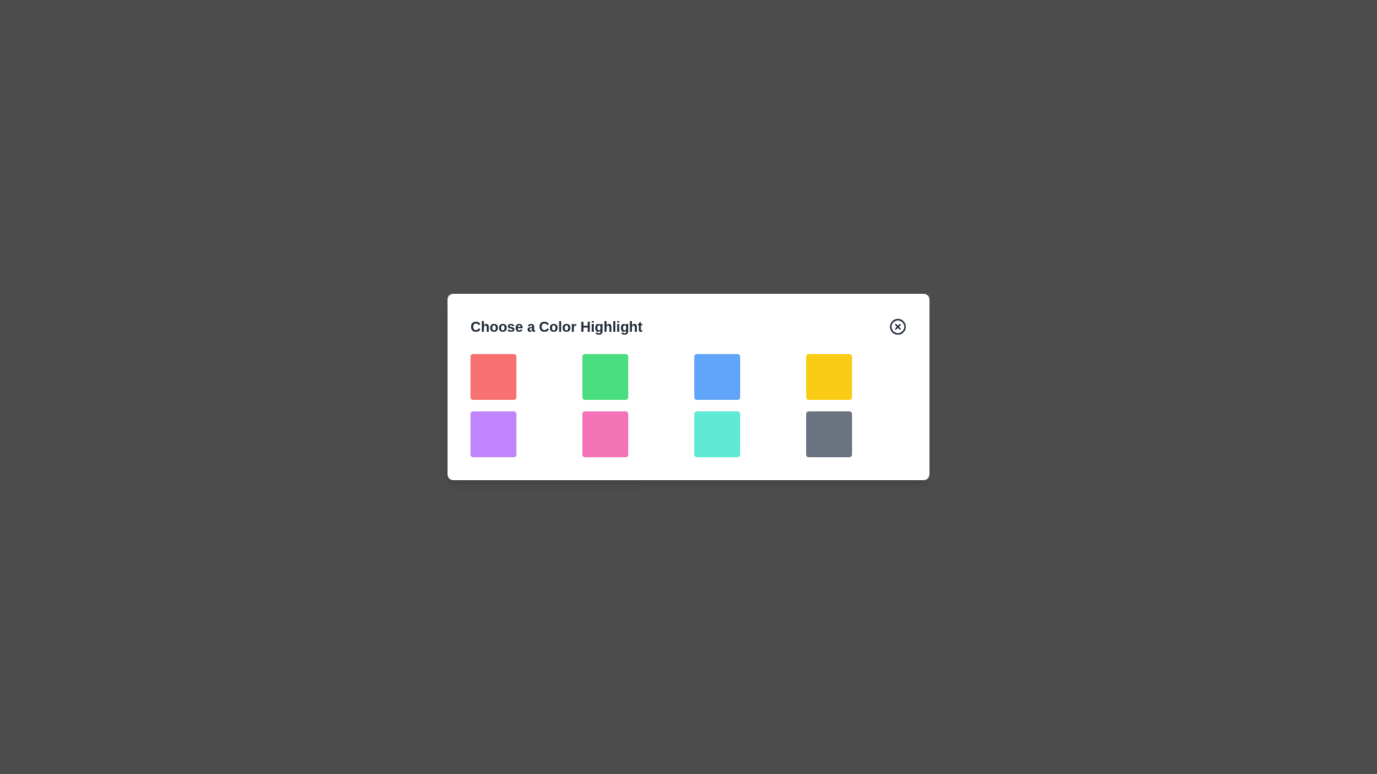  Describe the element at coordinates (897, 326) in the screenshot. I see `the close icon to close the dialog` at that location.